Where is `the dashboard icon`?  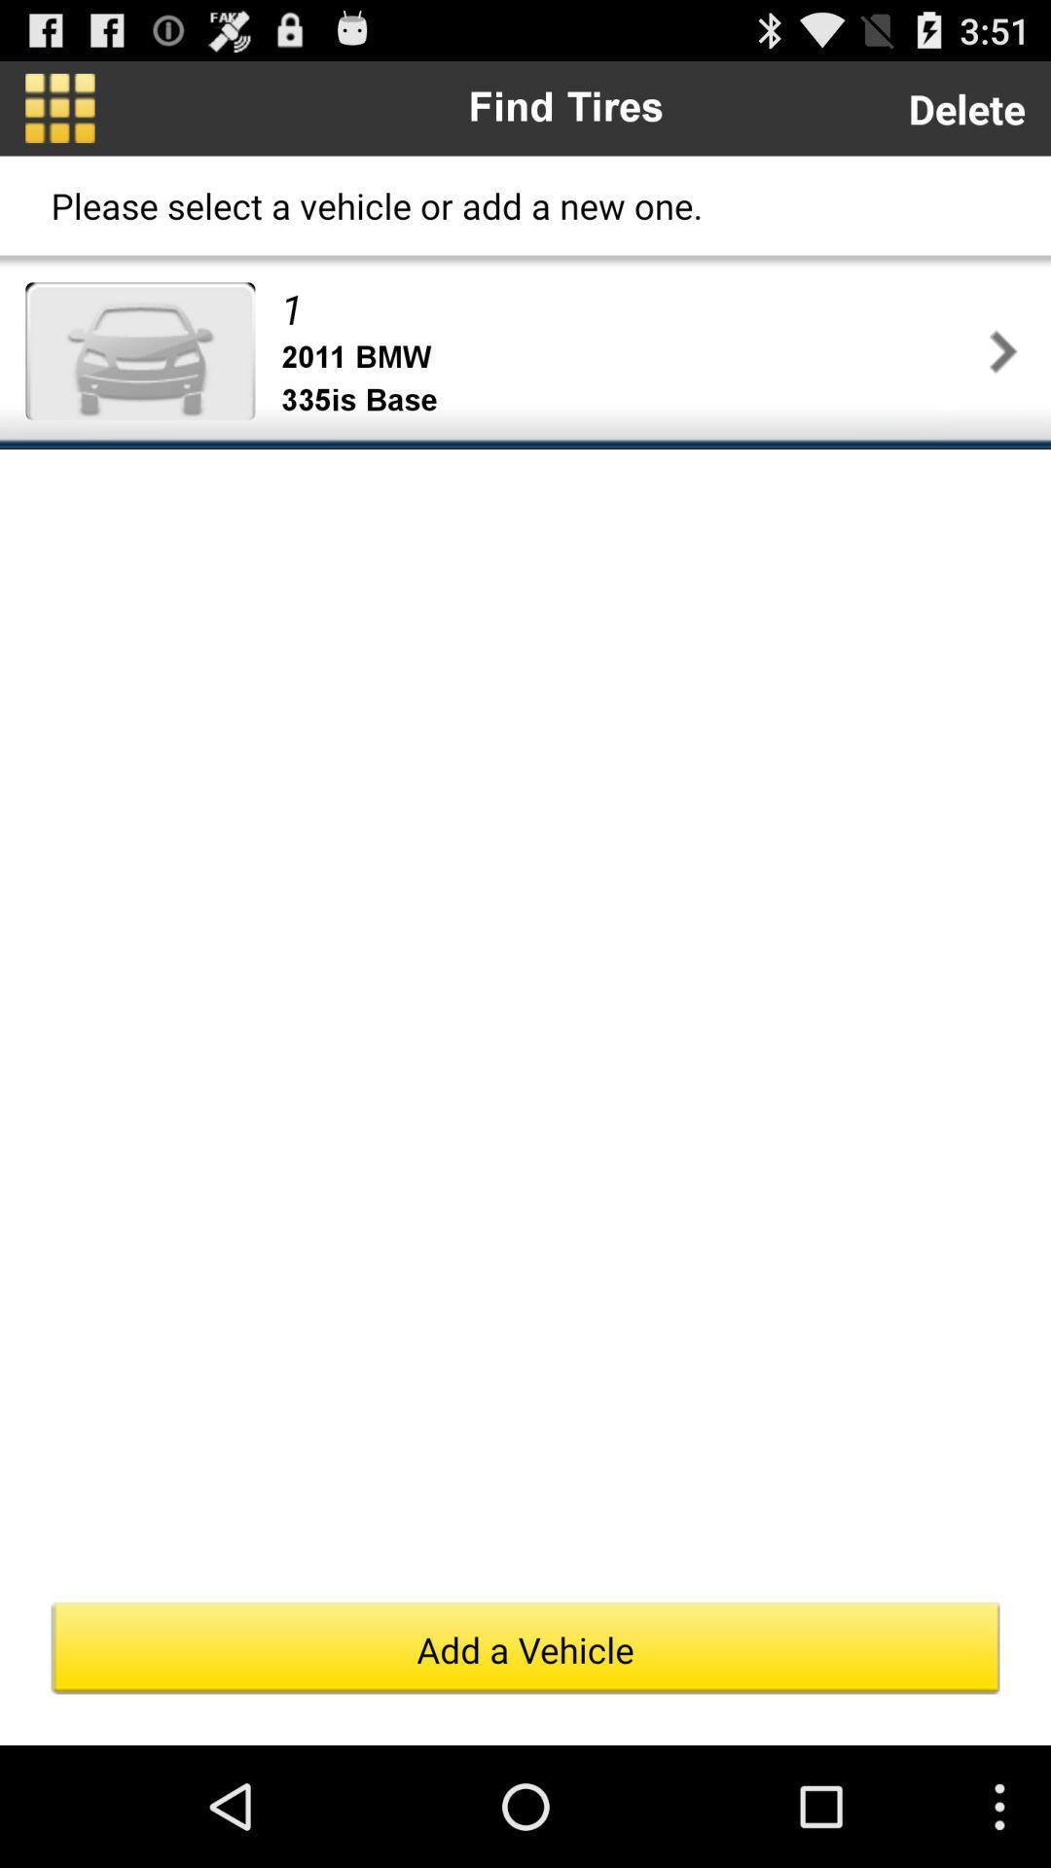
the dashboard icon is located at coordinates (58, 115).